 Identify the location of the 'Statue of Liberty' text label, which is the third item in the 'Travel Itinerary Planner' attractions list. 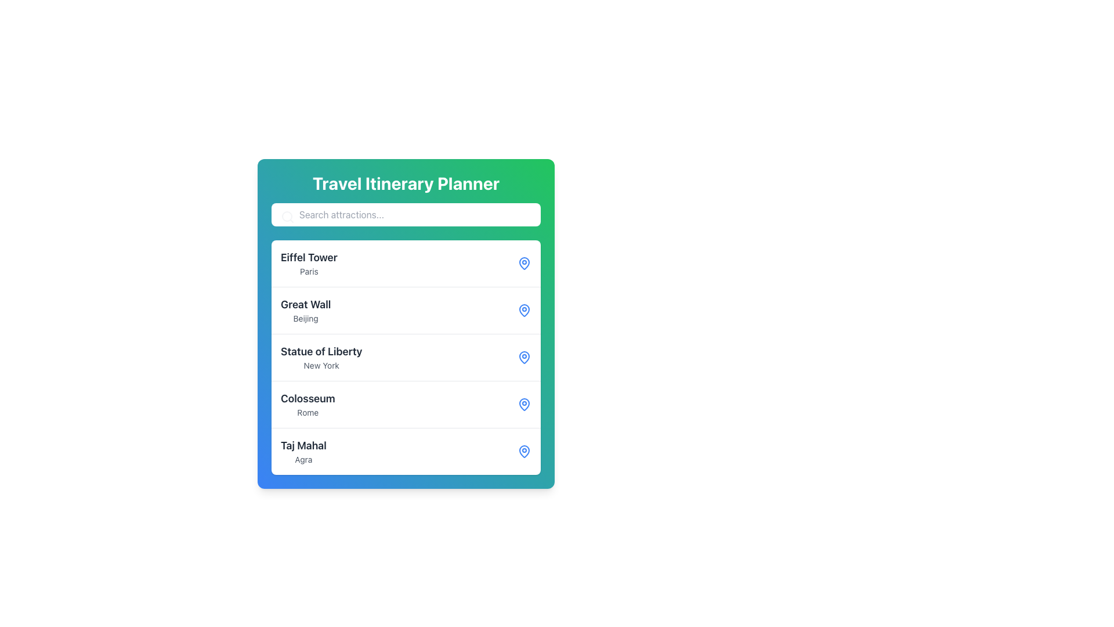
(321, 357).